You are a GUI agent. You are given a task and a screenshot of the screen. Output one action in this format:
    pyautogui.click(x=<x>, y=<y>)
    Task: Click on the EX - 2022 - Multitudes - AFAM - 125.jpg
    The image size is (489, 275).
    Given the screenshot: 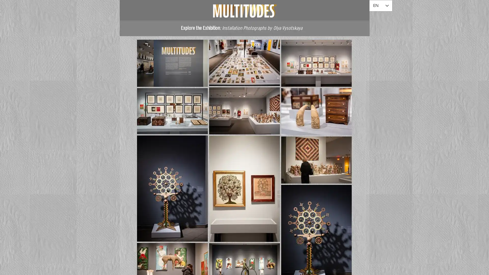 What is the action you would take?
    pyautogui.click(x=172, y=188)
    